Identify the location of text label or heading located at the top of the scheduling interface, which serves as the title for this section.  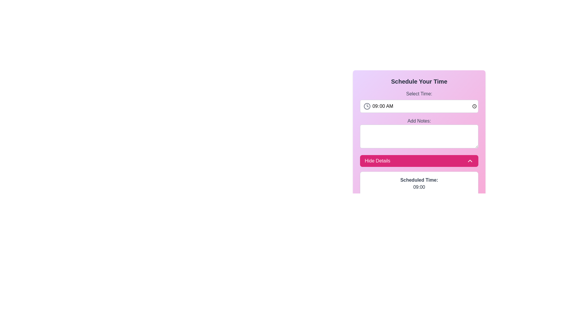
(419, 82).